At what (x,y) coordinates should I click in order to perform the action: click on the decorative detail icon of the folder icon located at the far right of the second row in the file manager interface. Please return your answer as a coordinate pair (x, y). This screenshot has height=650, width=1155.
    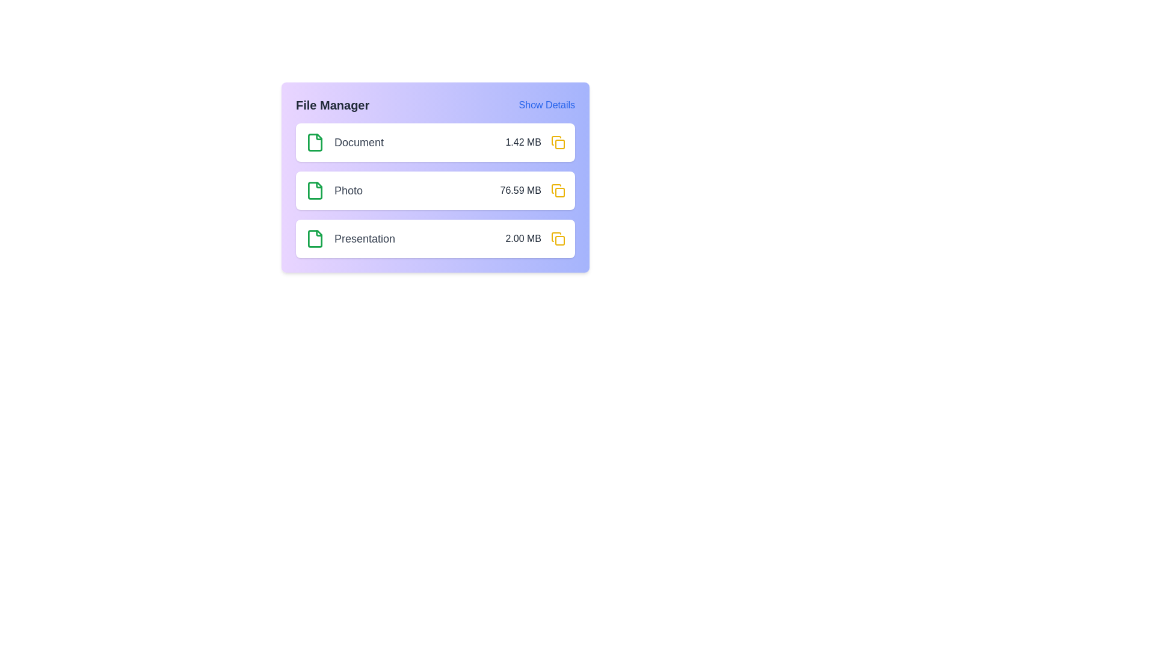
    Looking at the image, I should click on (559, 192).